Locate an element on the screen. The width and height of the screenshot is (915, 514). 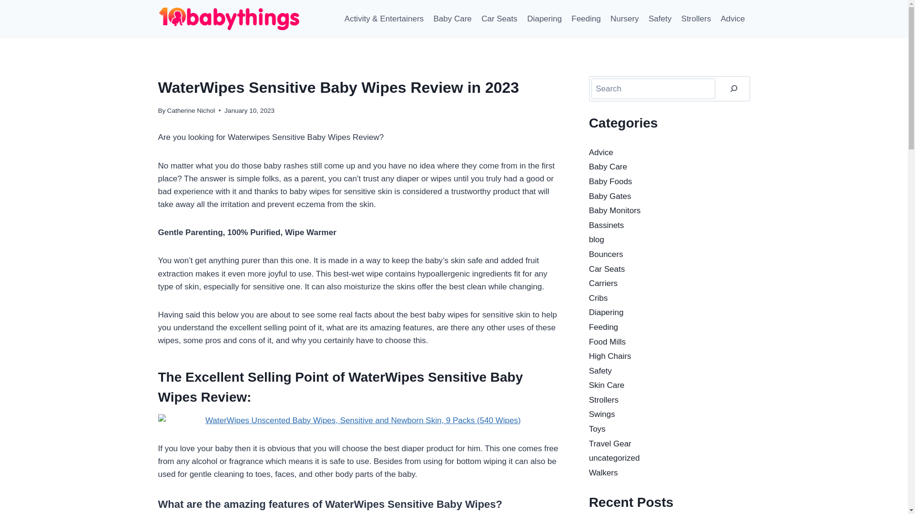
'Baby Monitors' is located at coordinates (589, 210).